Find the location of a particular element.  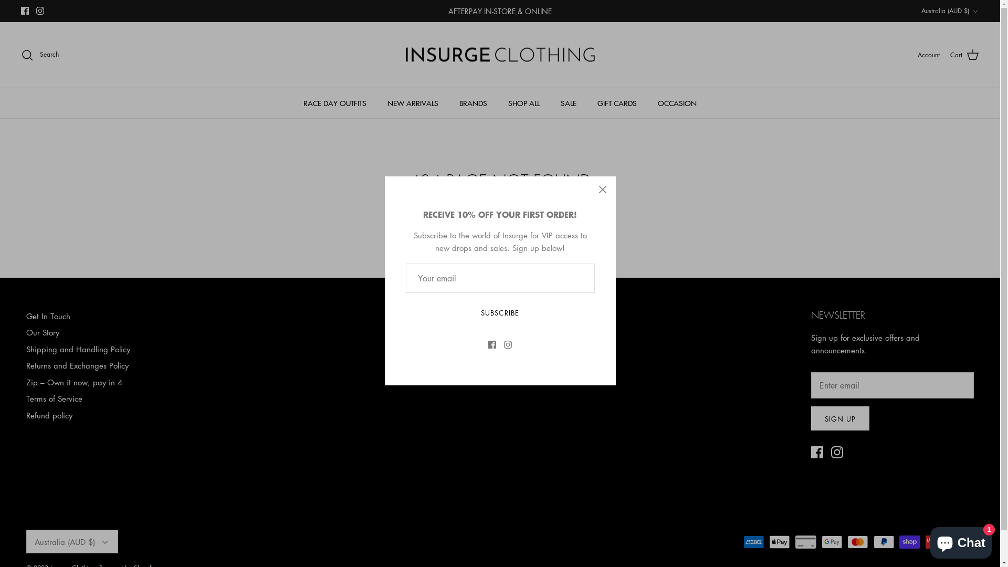

'Returns and Exchanges Policy' is located at coordinates (77, 364).